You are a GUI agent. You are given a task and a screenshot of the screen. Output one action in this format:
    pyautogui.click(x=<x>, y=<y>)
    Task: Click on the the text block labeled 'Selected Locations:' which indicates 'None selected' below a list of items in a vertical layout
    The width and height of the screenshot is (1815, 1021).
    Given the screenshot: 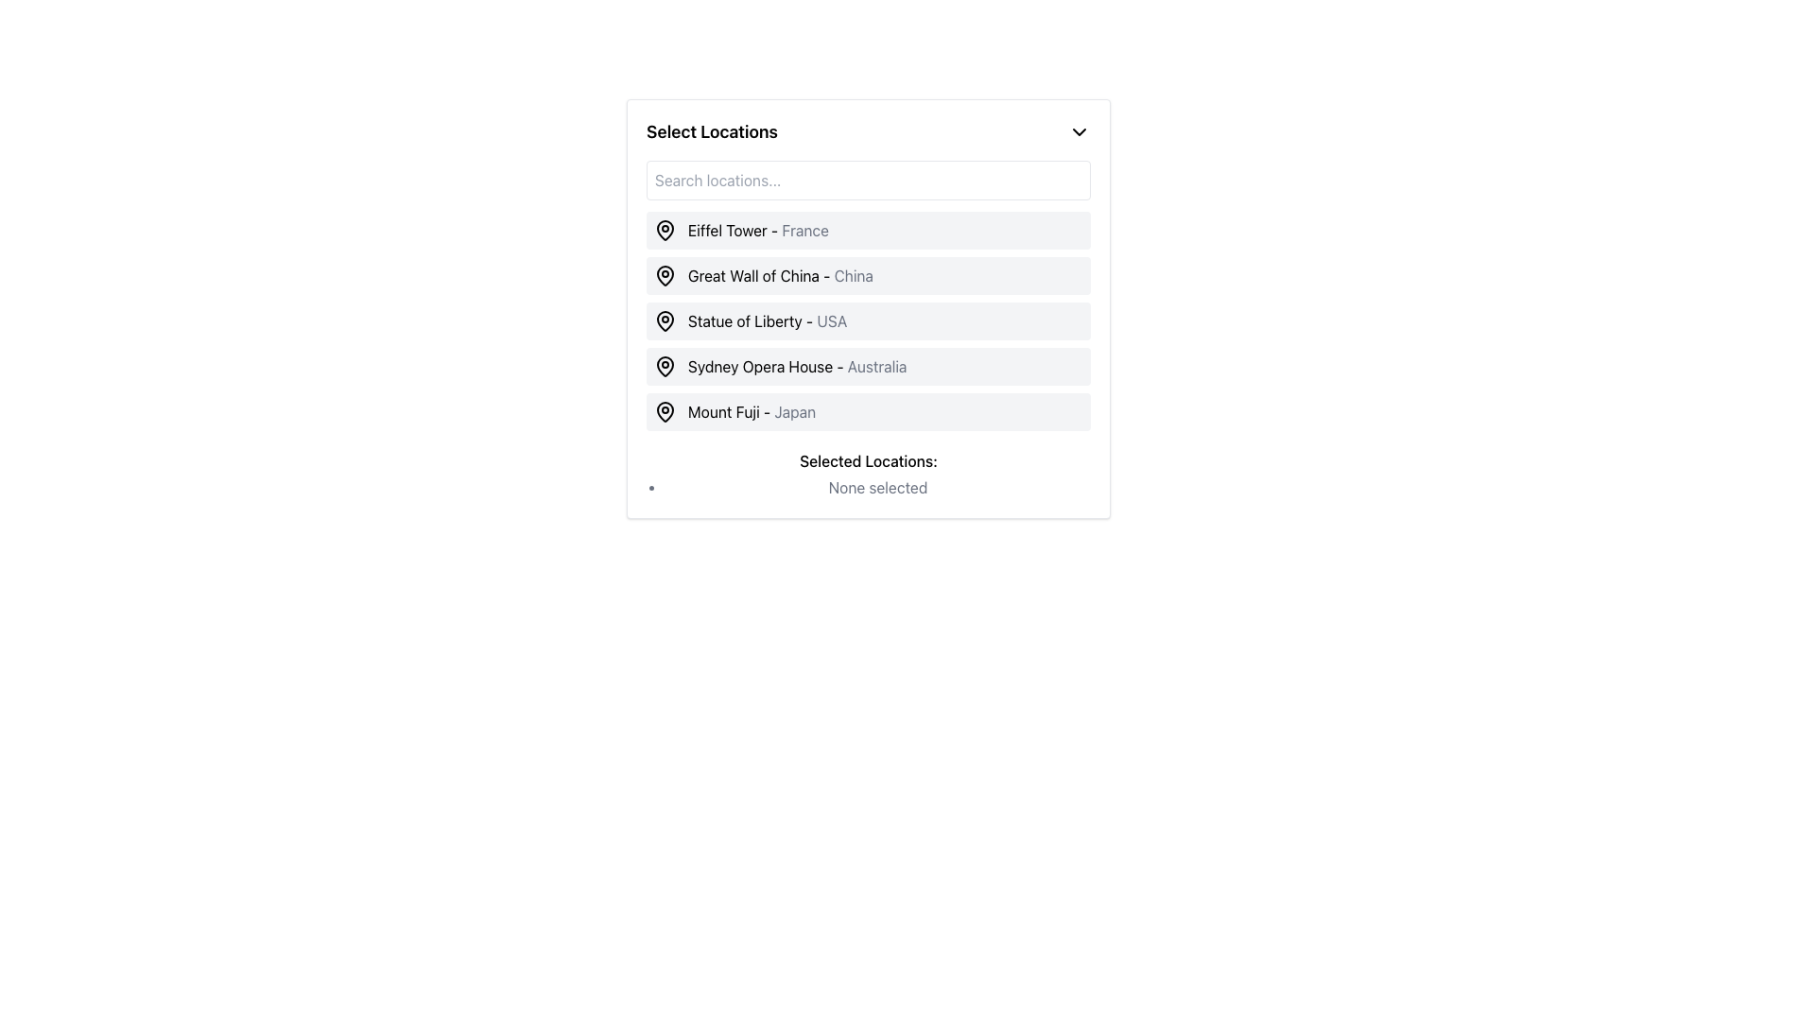 What is the action you would take?
    pyautogui.click(x=867, y=473)
    